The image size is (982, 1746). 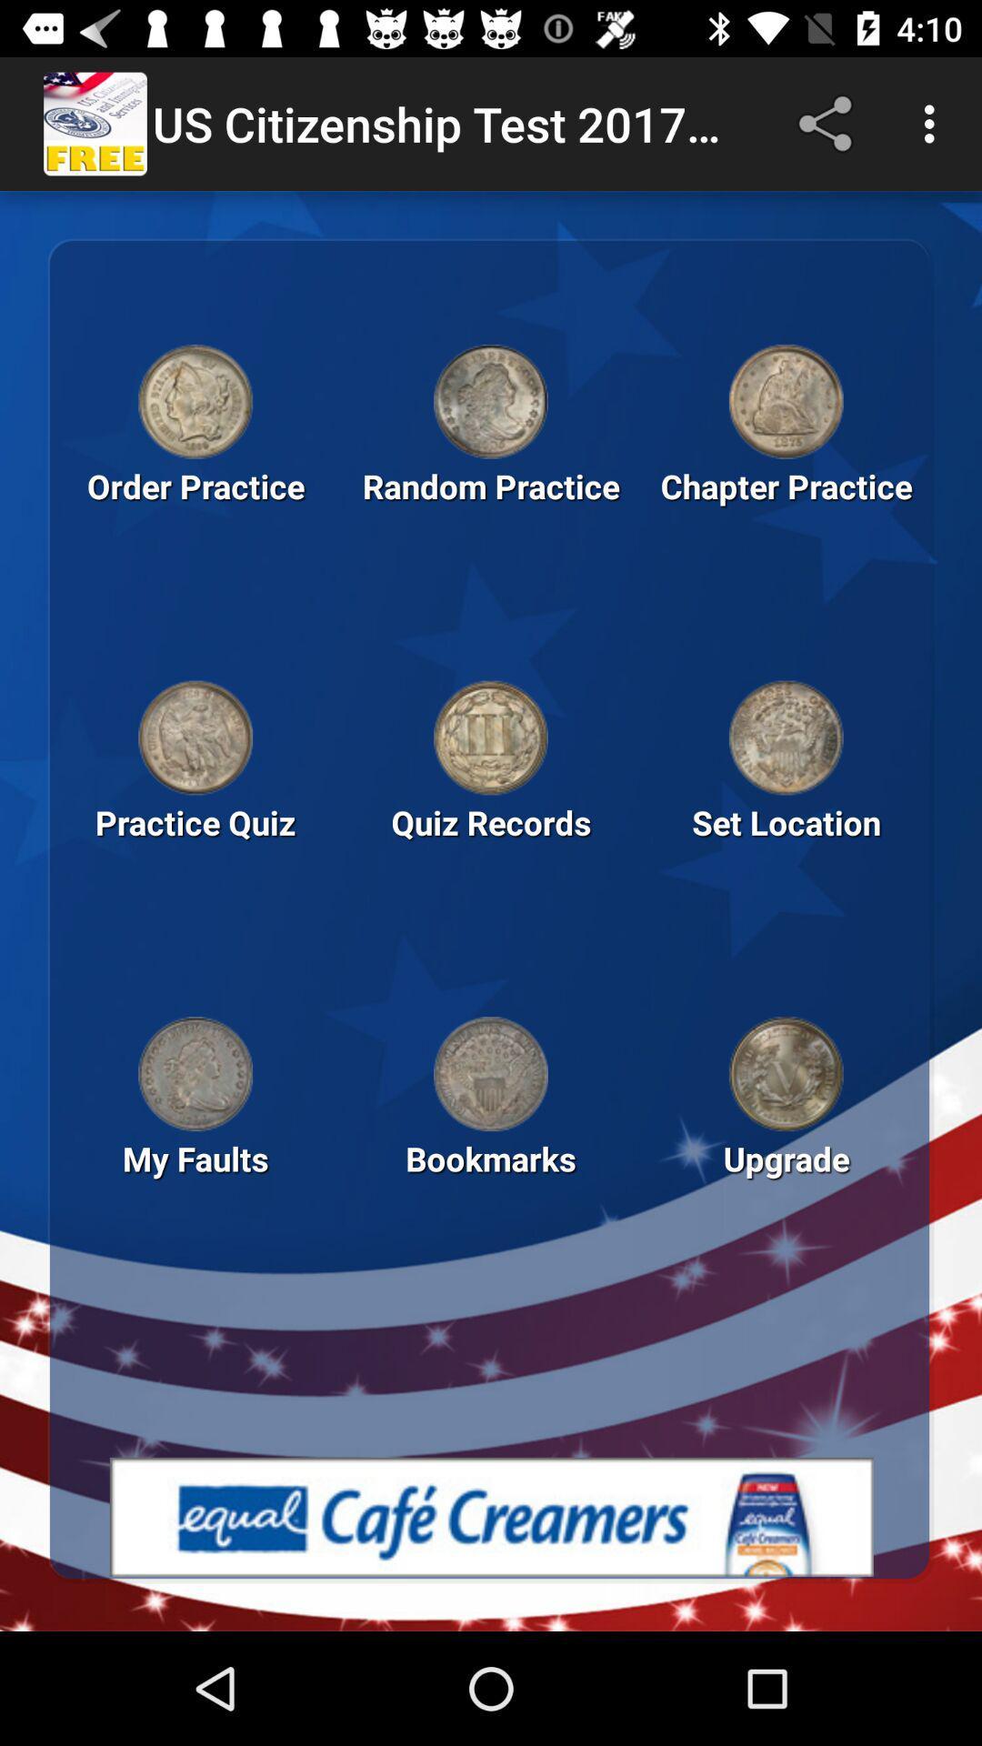 I want to click on option my faults on page, so click(x=195, y=1189).